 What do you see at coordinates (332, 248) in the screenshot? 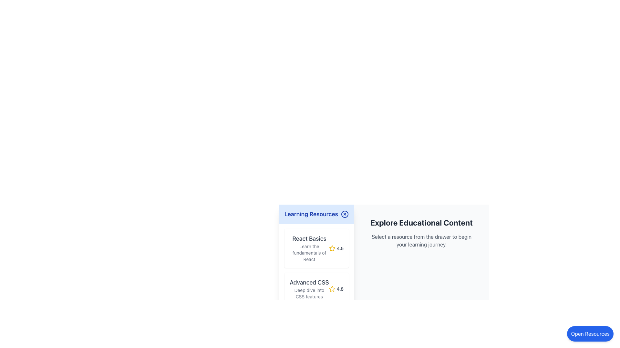
I see `the star icon representing the rating metric for the 'React Basics' item, located in the 'Learning Resources' section below its title` at bounding box center [332, 248].